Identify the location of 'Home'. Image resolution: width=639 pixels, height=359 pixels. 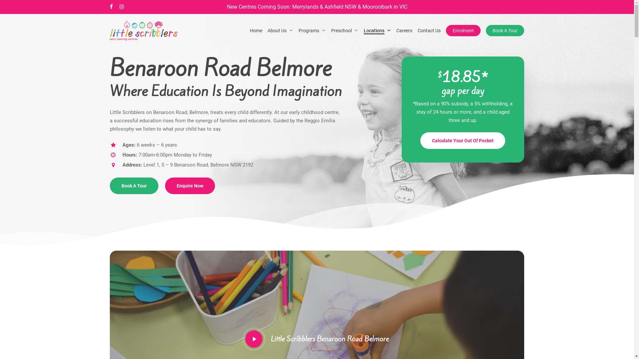
(256, 31).